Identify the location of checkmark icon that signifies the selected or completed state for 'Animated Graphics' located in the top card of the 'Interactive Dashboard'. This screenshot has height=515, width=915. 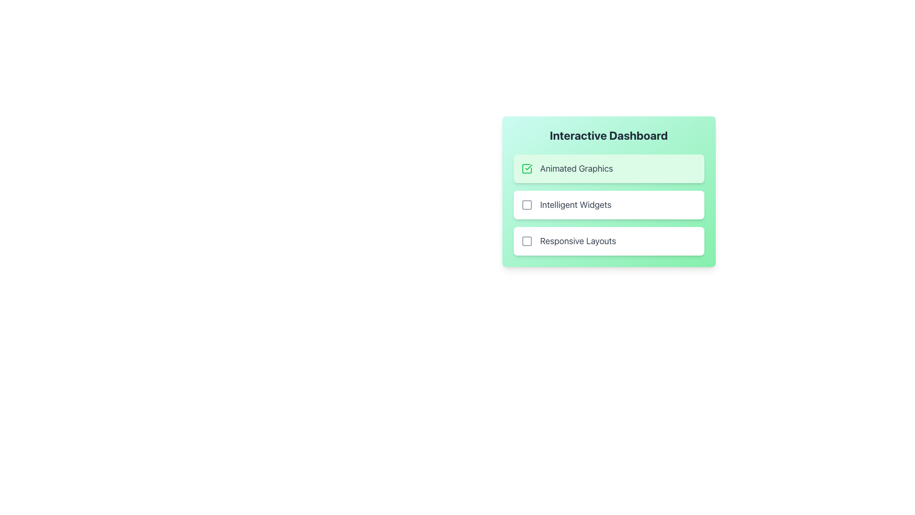
(528, 167).